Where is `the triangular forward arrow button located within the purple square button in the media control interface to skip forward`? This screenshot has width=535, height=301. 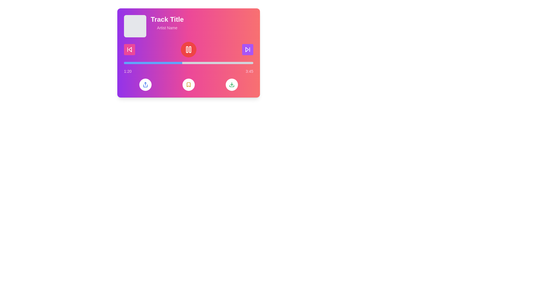 the triangular forward arrow button located within the purple square button in the media control interface to skip forward is located at coordinates (247, 49).